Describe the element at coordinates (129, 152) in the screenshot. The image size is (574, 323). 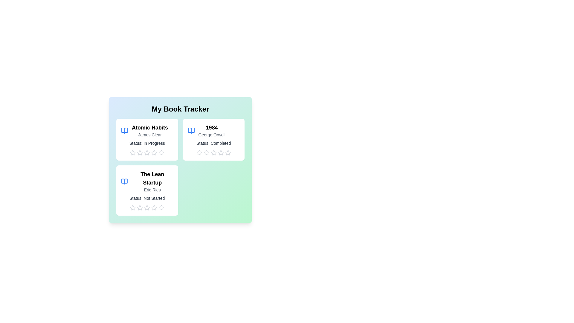
I see `the rating for a book to 1 stars` at that location.